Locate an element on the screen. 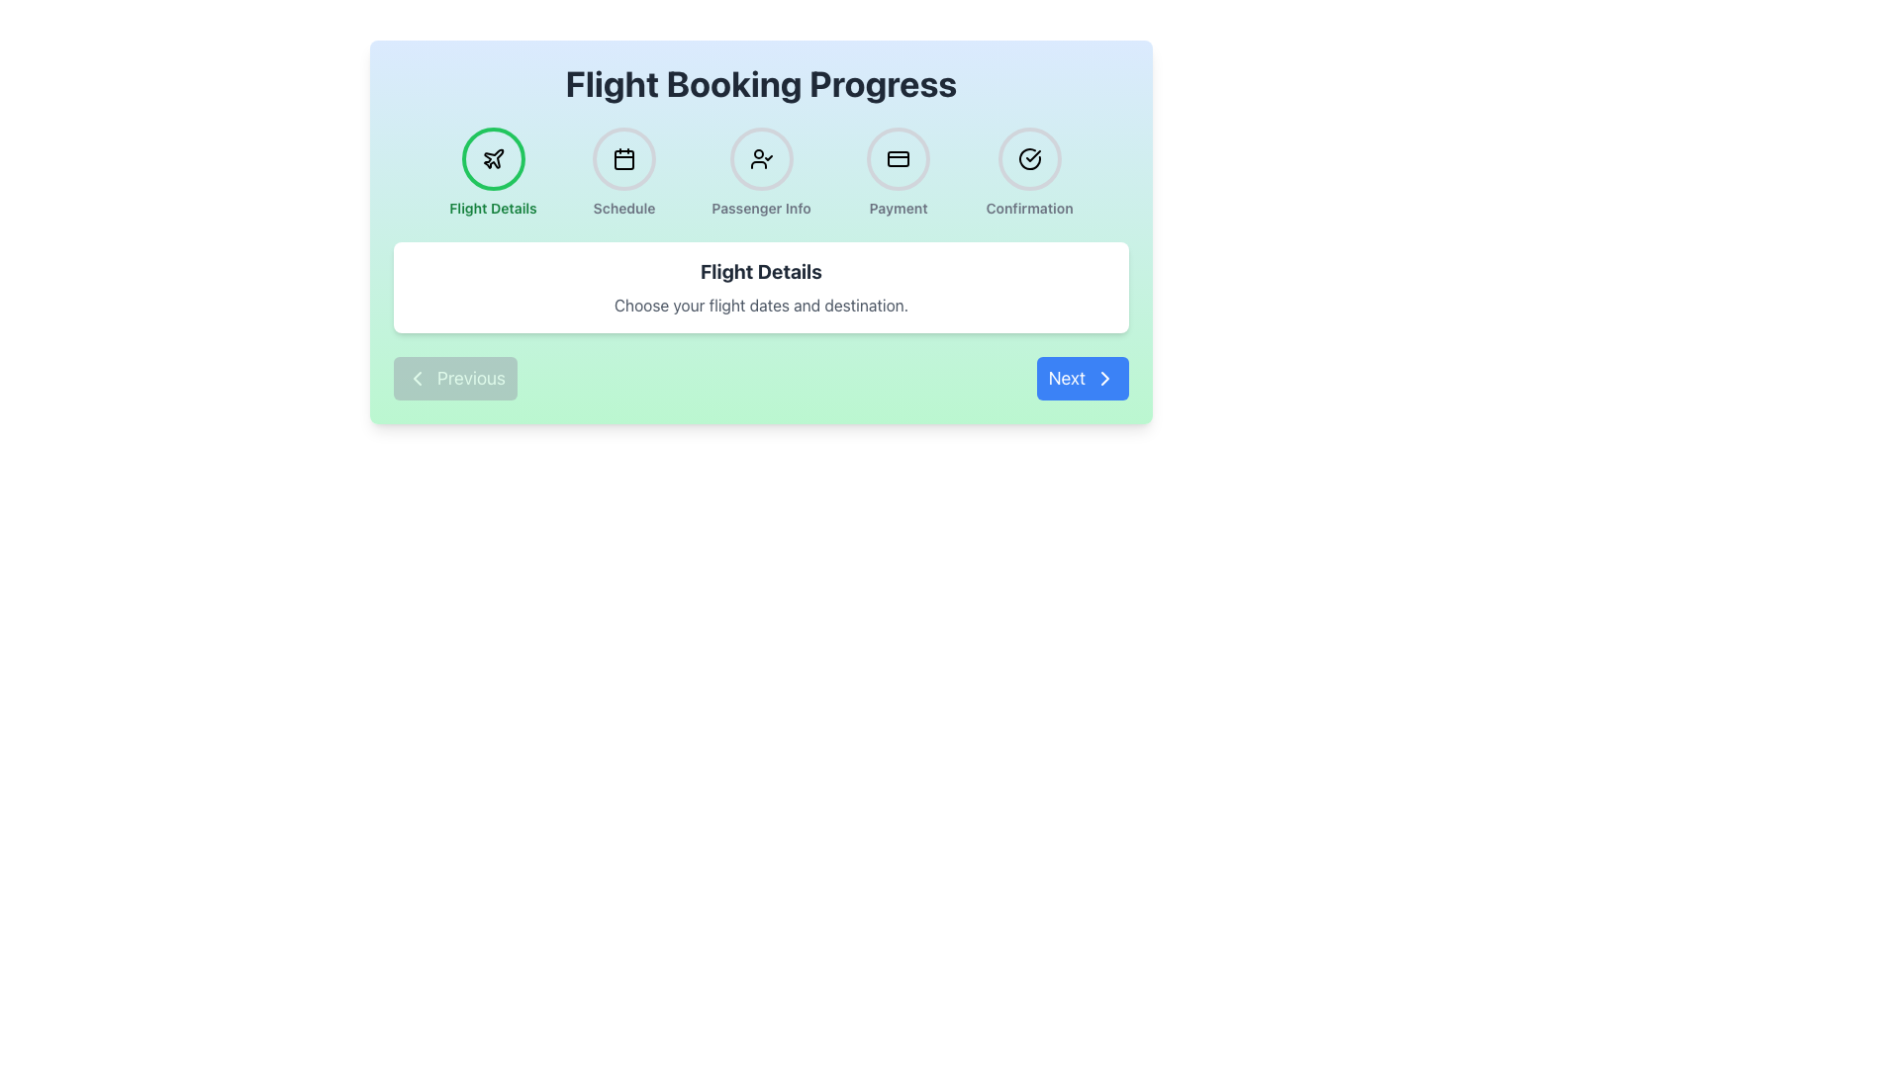  the Text Label that states 'Choose your flight dates and destination.' located below the 'Flight Details' heading is located at coordinates (760, 305).